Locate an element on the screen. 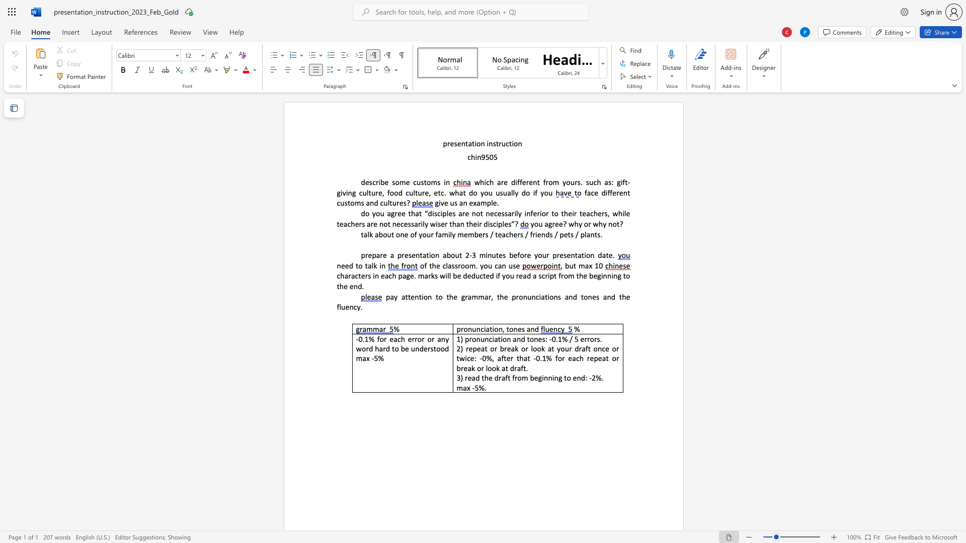 Image resolution: width=966 pixels, height=543 pixels. the 1th character "m" in the text is located at coordinates (484, 203).